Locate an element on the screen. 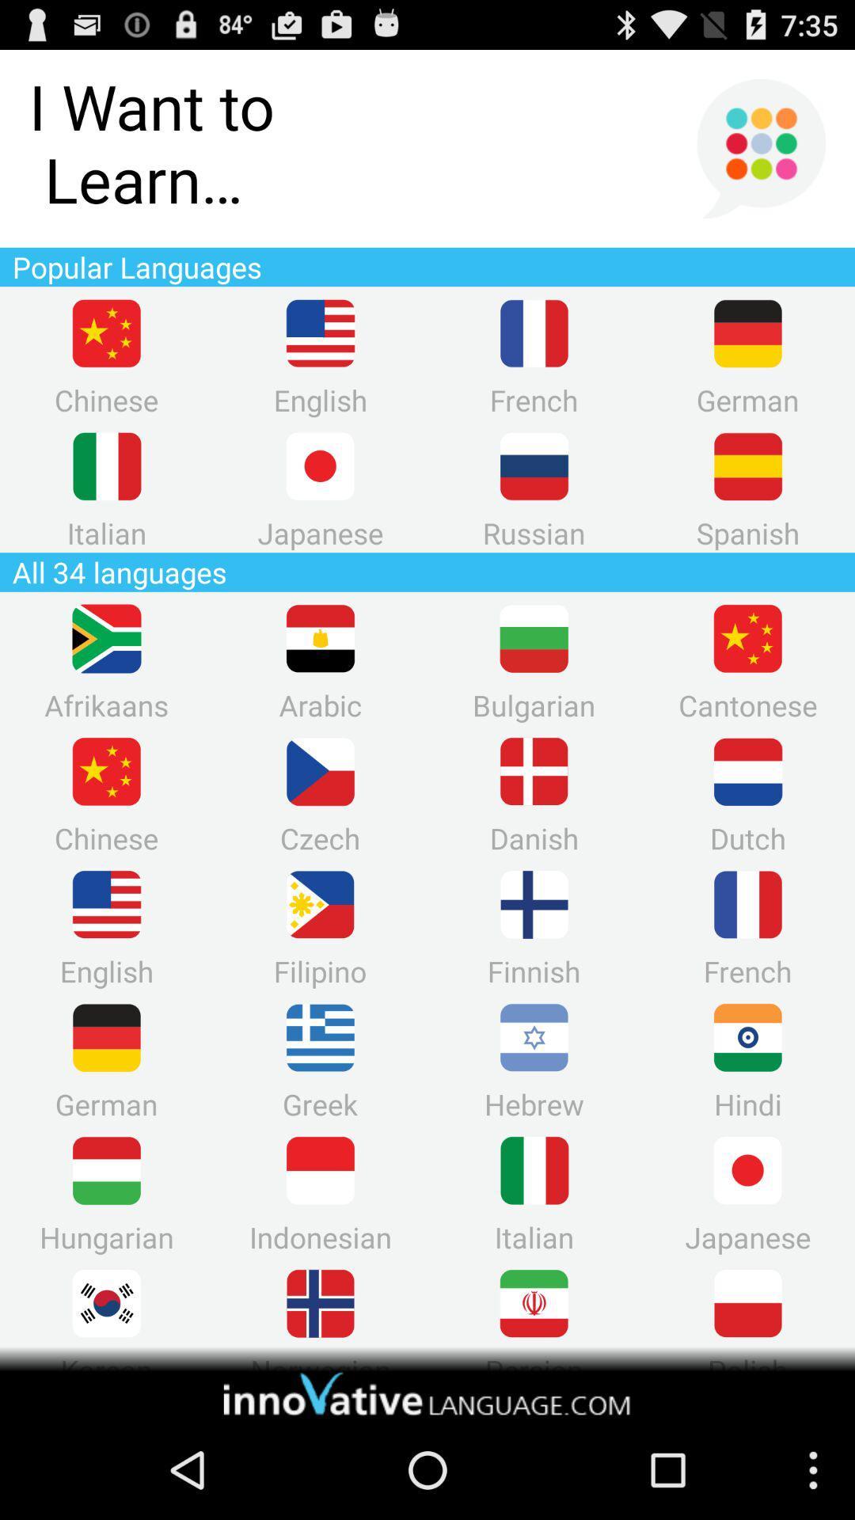  the pause icon is located at coordinates (534, 1252).